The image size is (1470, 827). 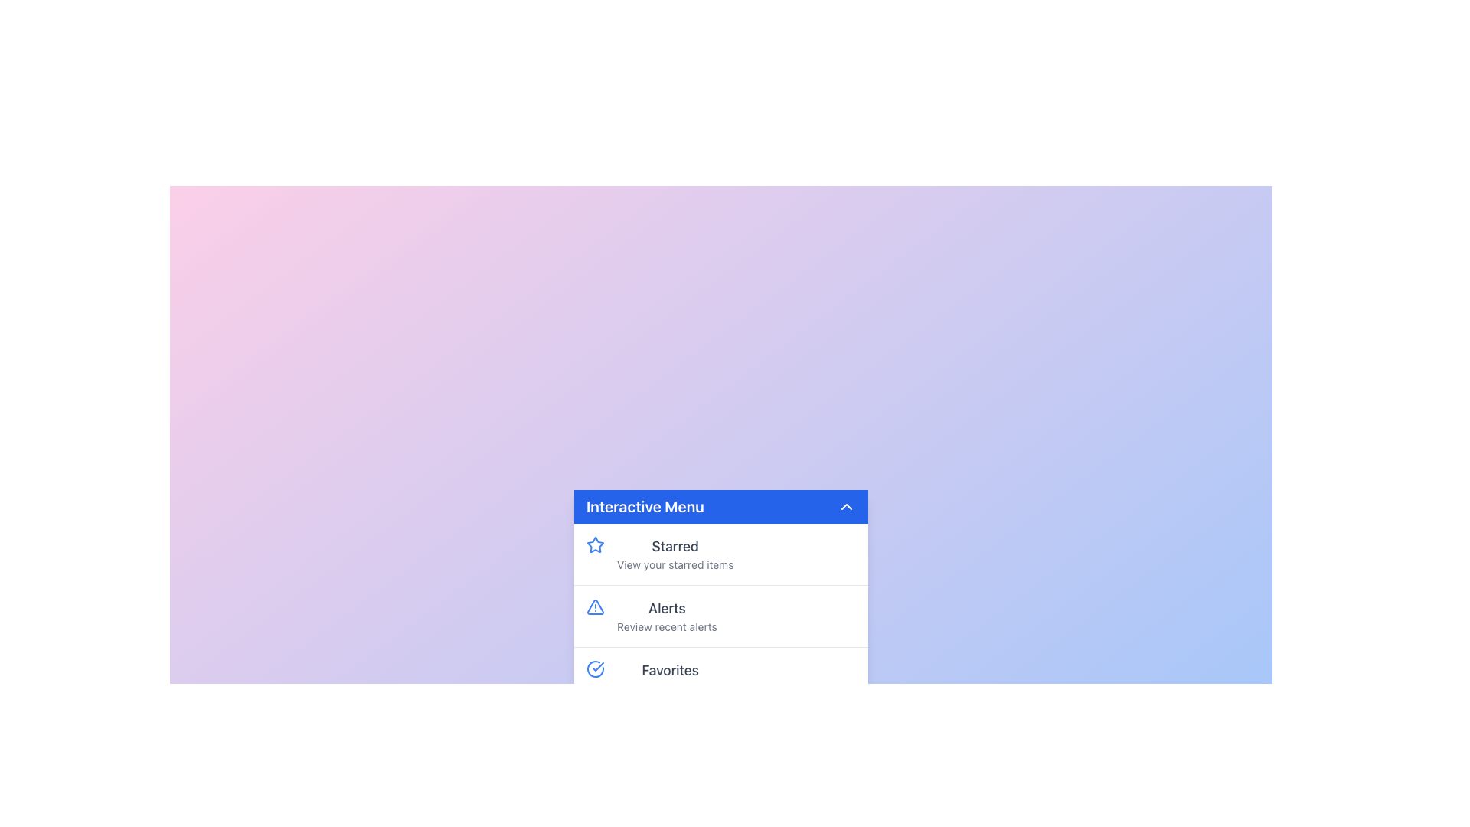 What do you see at coordinates (594, 544) in the screenshot?
I see `the 'Starred' icon located to the left of the 'Starred' list item in the 'Interactive Menu' section` at bounding box center [594, 544].